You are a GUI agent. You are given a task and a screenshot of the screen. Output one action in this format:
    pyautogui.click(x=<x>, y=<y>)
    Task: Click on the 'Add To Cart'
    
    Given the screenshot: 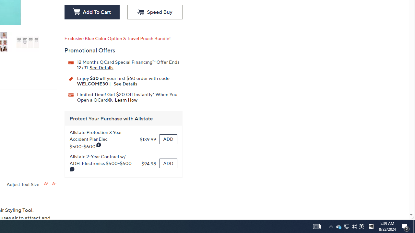 What is the action you would take?
    pyautogui.click(x=91, y=12)
    